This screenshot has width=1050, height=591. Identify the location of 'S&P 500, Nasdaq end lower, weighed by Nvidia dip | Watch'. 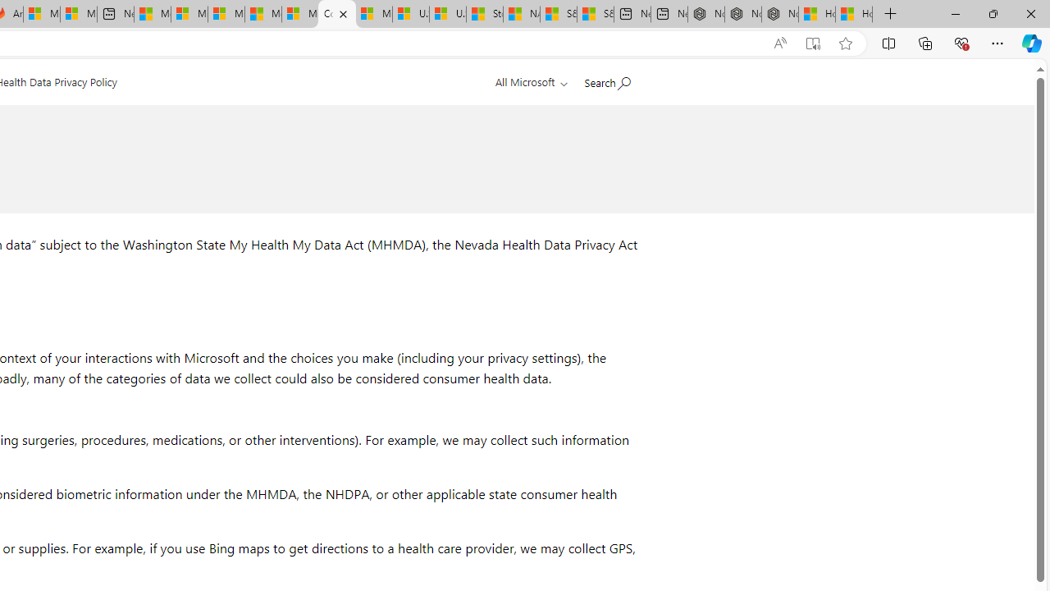
(594, 14).